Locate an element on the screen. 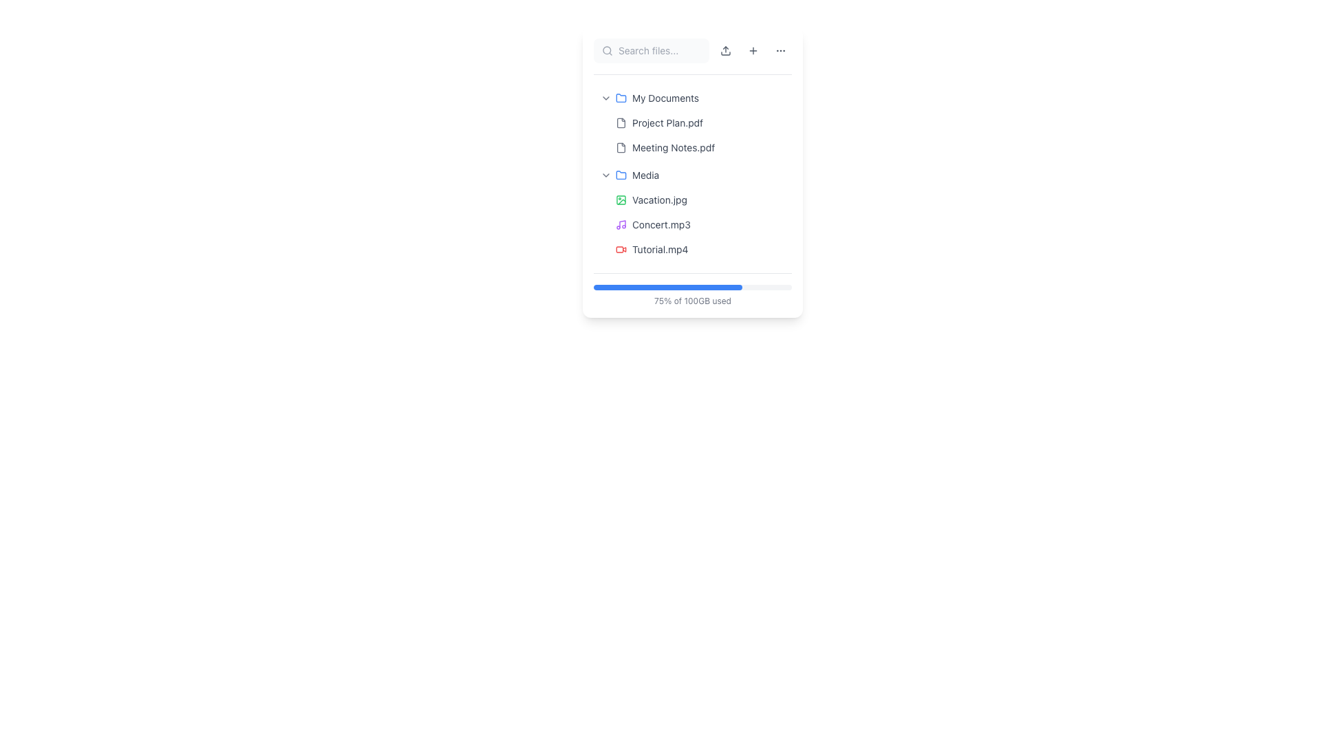 Image resolution: width=1321 pixels, height=743 pixels. the text label representing the file 'Project Plan.pdf' is located at coordinates (667, 122).